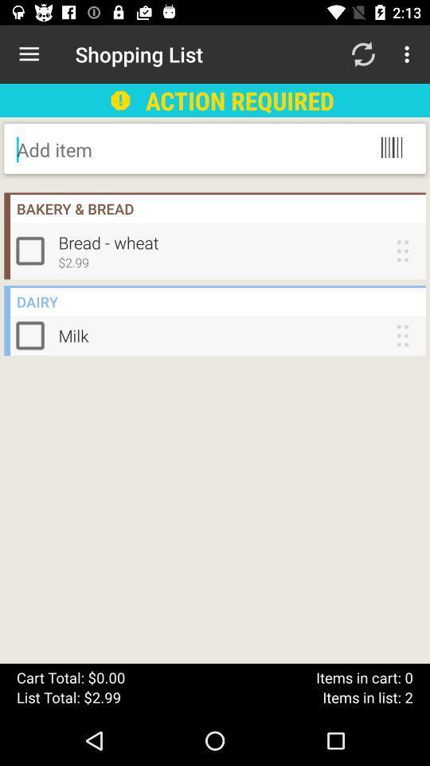 The width and height of the screenshot is (430, 766). I want to click on the icon above action required icon, so click(362, 54).